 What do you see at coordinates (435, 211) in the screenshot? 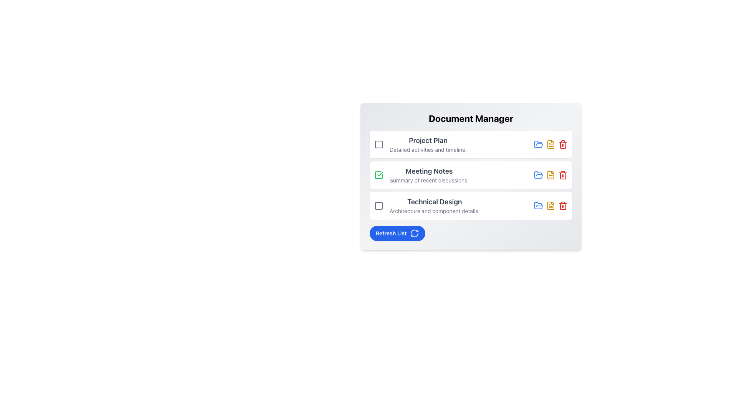
I see `the text label displaying 'Architecture and component details.' which is styled with a small font size and gray color, positioned below the 'Technical Design' heading` at bounding box center [435, 211].